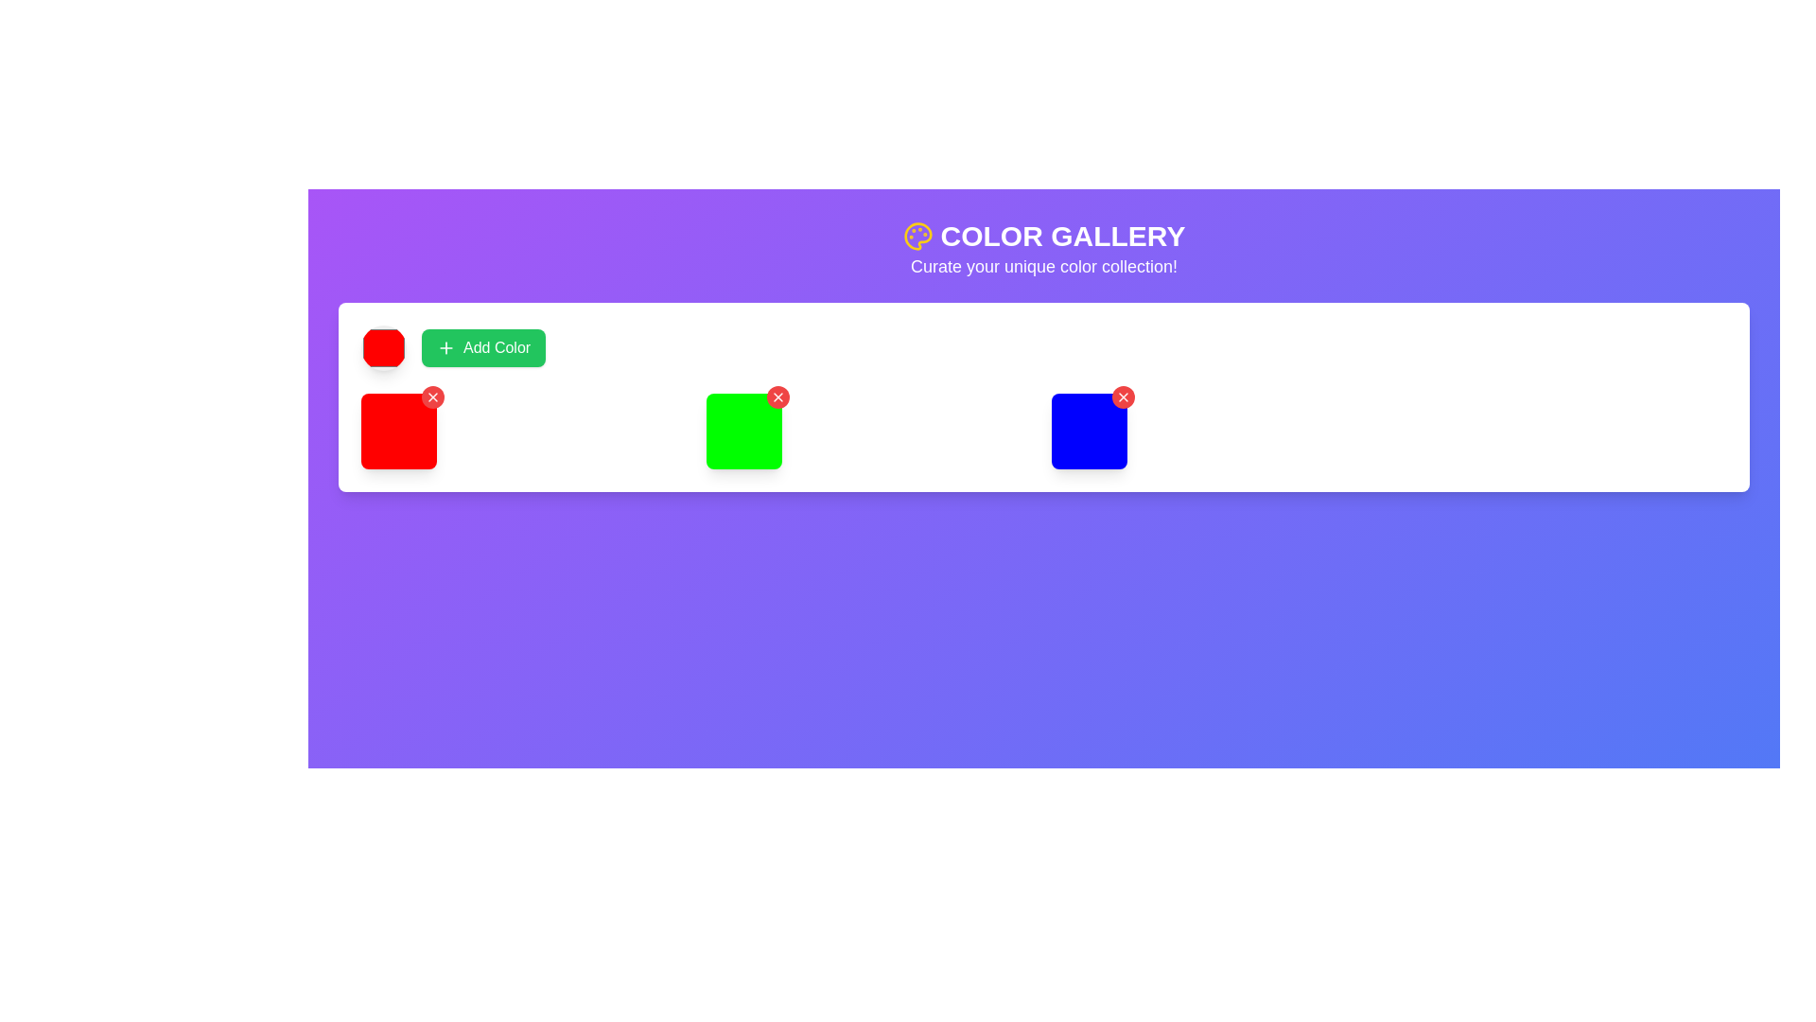  I want to click on the 'Add Color' button, which is represented by a visual indicator icon located within a green button positioned towards the top-left of the main interface panel, so click(445, 347).